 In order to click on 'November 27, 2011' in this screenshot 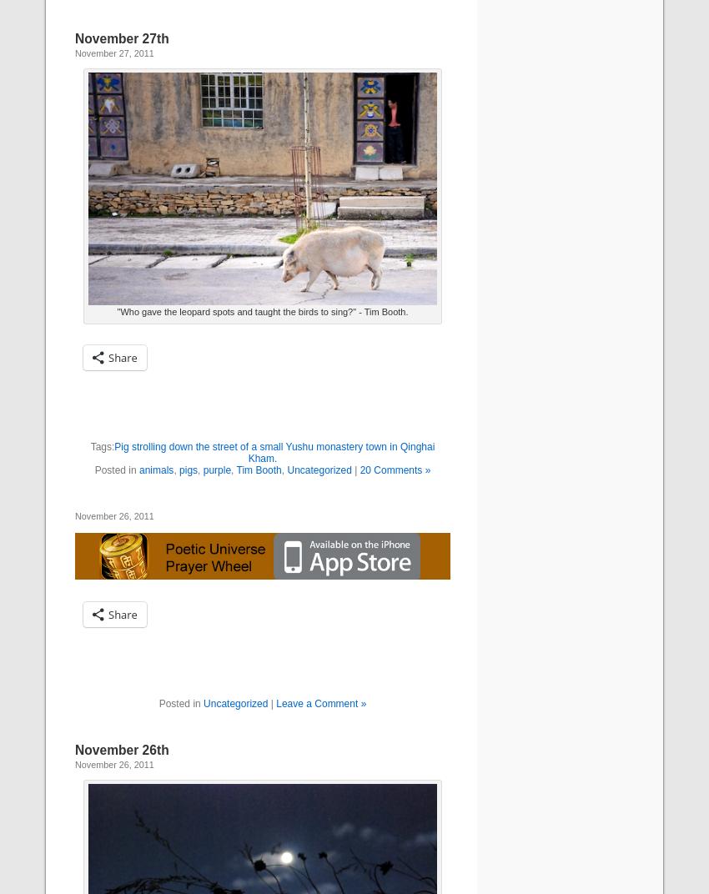, I will do `click(114, 52)`.